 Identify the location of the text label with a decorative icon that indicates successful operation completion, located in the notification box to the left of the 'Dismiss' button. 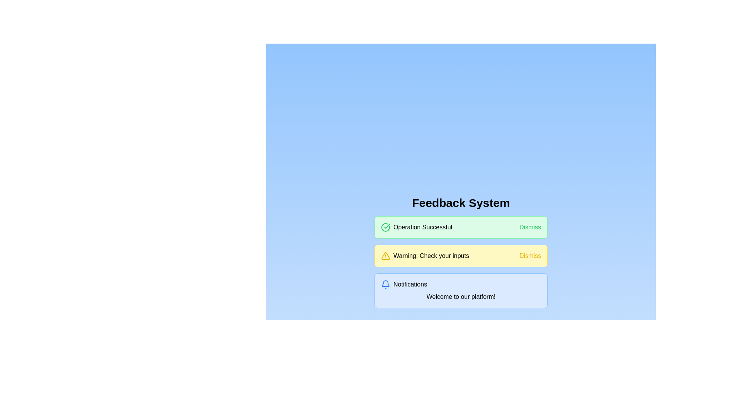
(416, 227).